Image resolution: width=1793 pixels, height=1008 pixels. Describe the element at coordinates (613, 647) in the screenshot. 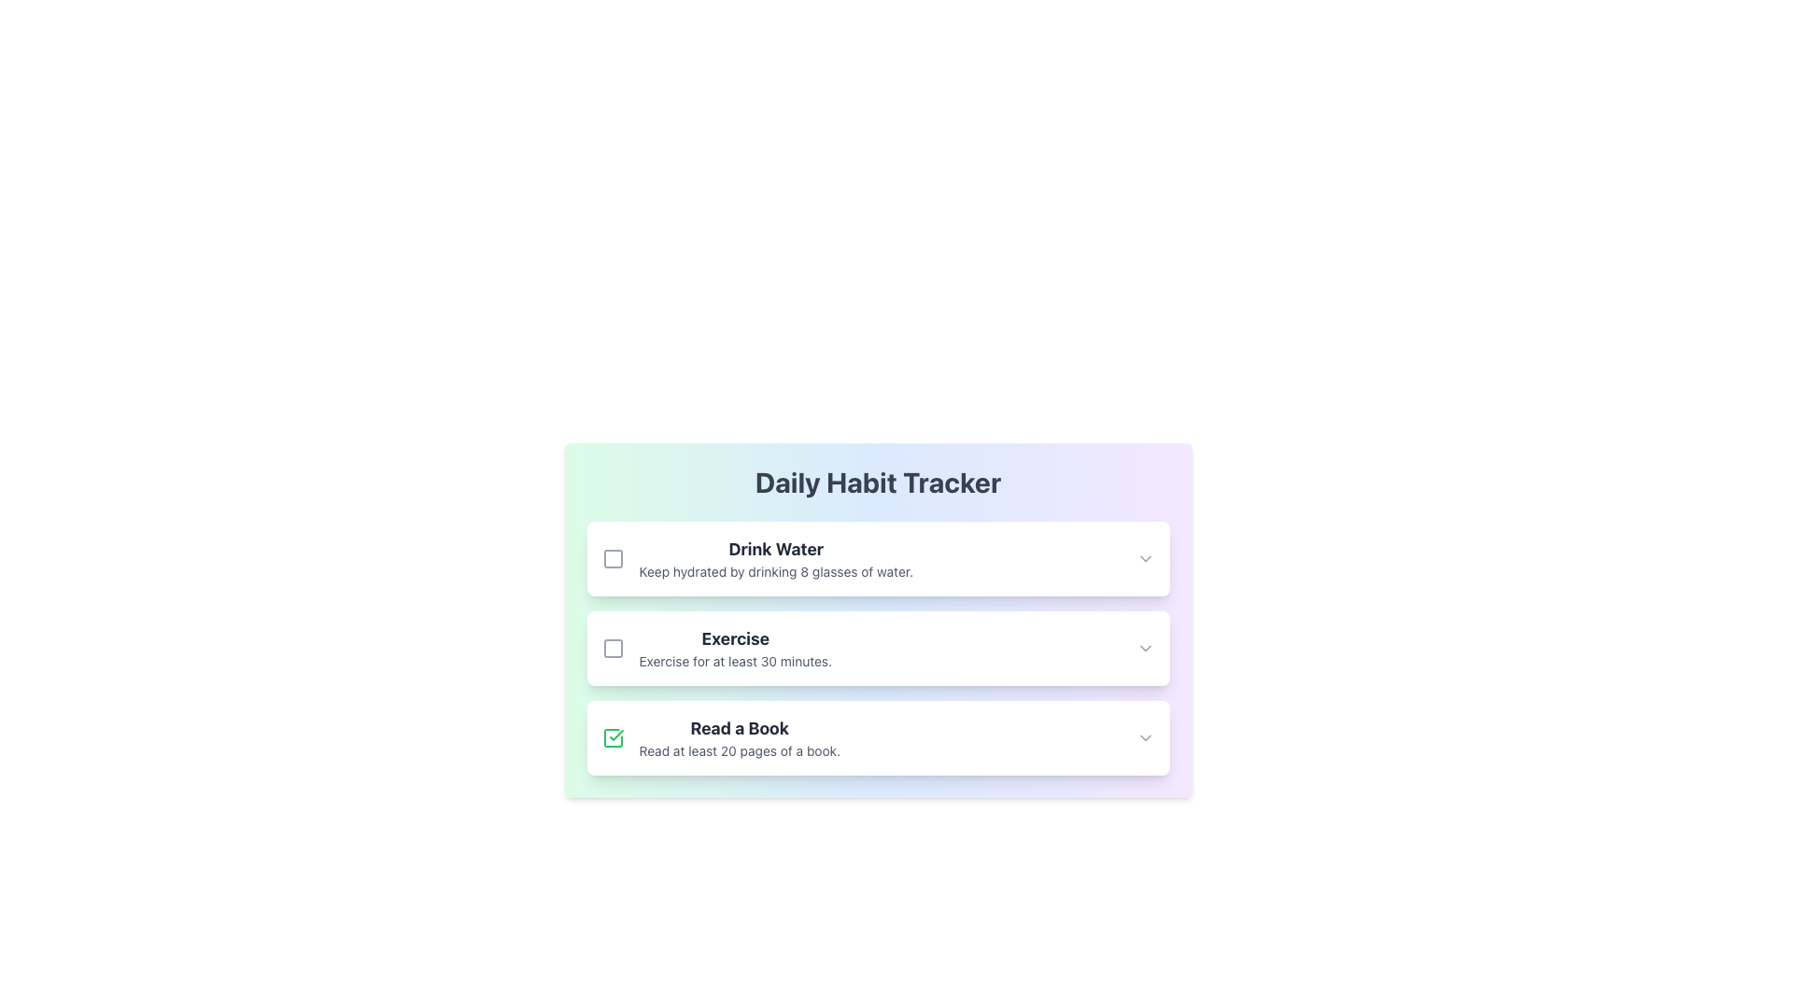

I see `the checkbox located in the 'Exercise' segment, which is the leftmost element in the second row of a vertical list` at that location.